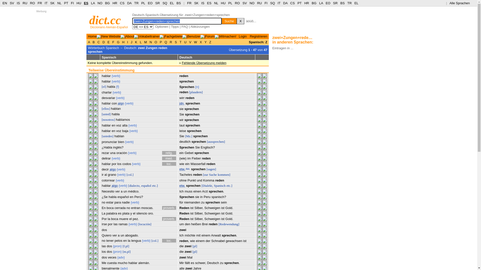  I want to click on 'cerrada', so click(120, 208).